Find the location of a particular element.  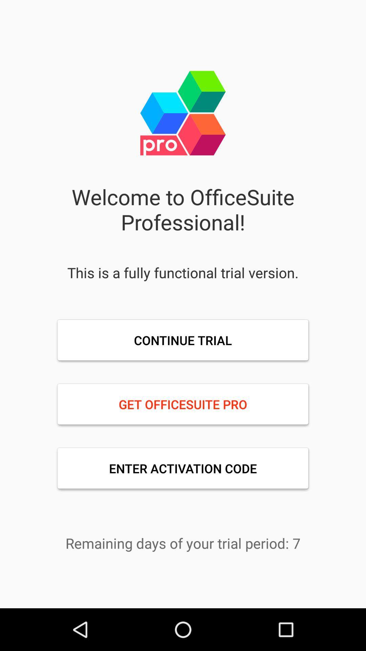

the continue trial is located at coordinates (183, 340).